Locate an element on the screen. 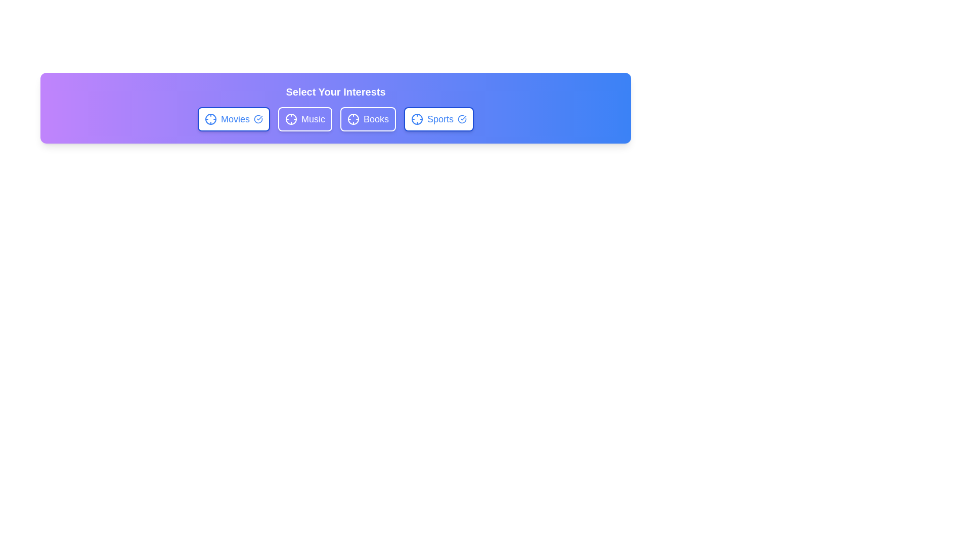 This screenshot has width=971, height=546. the 'Books' chip to toggle its active state is located at coordinates (368, 118).